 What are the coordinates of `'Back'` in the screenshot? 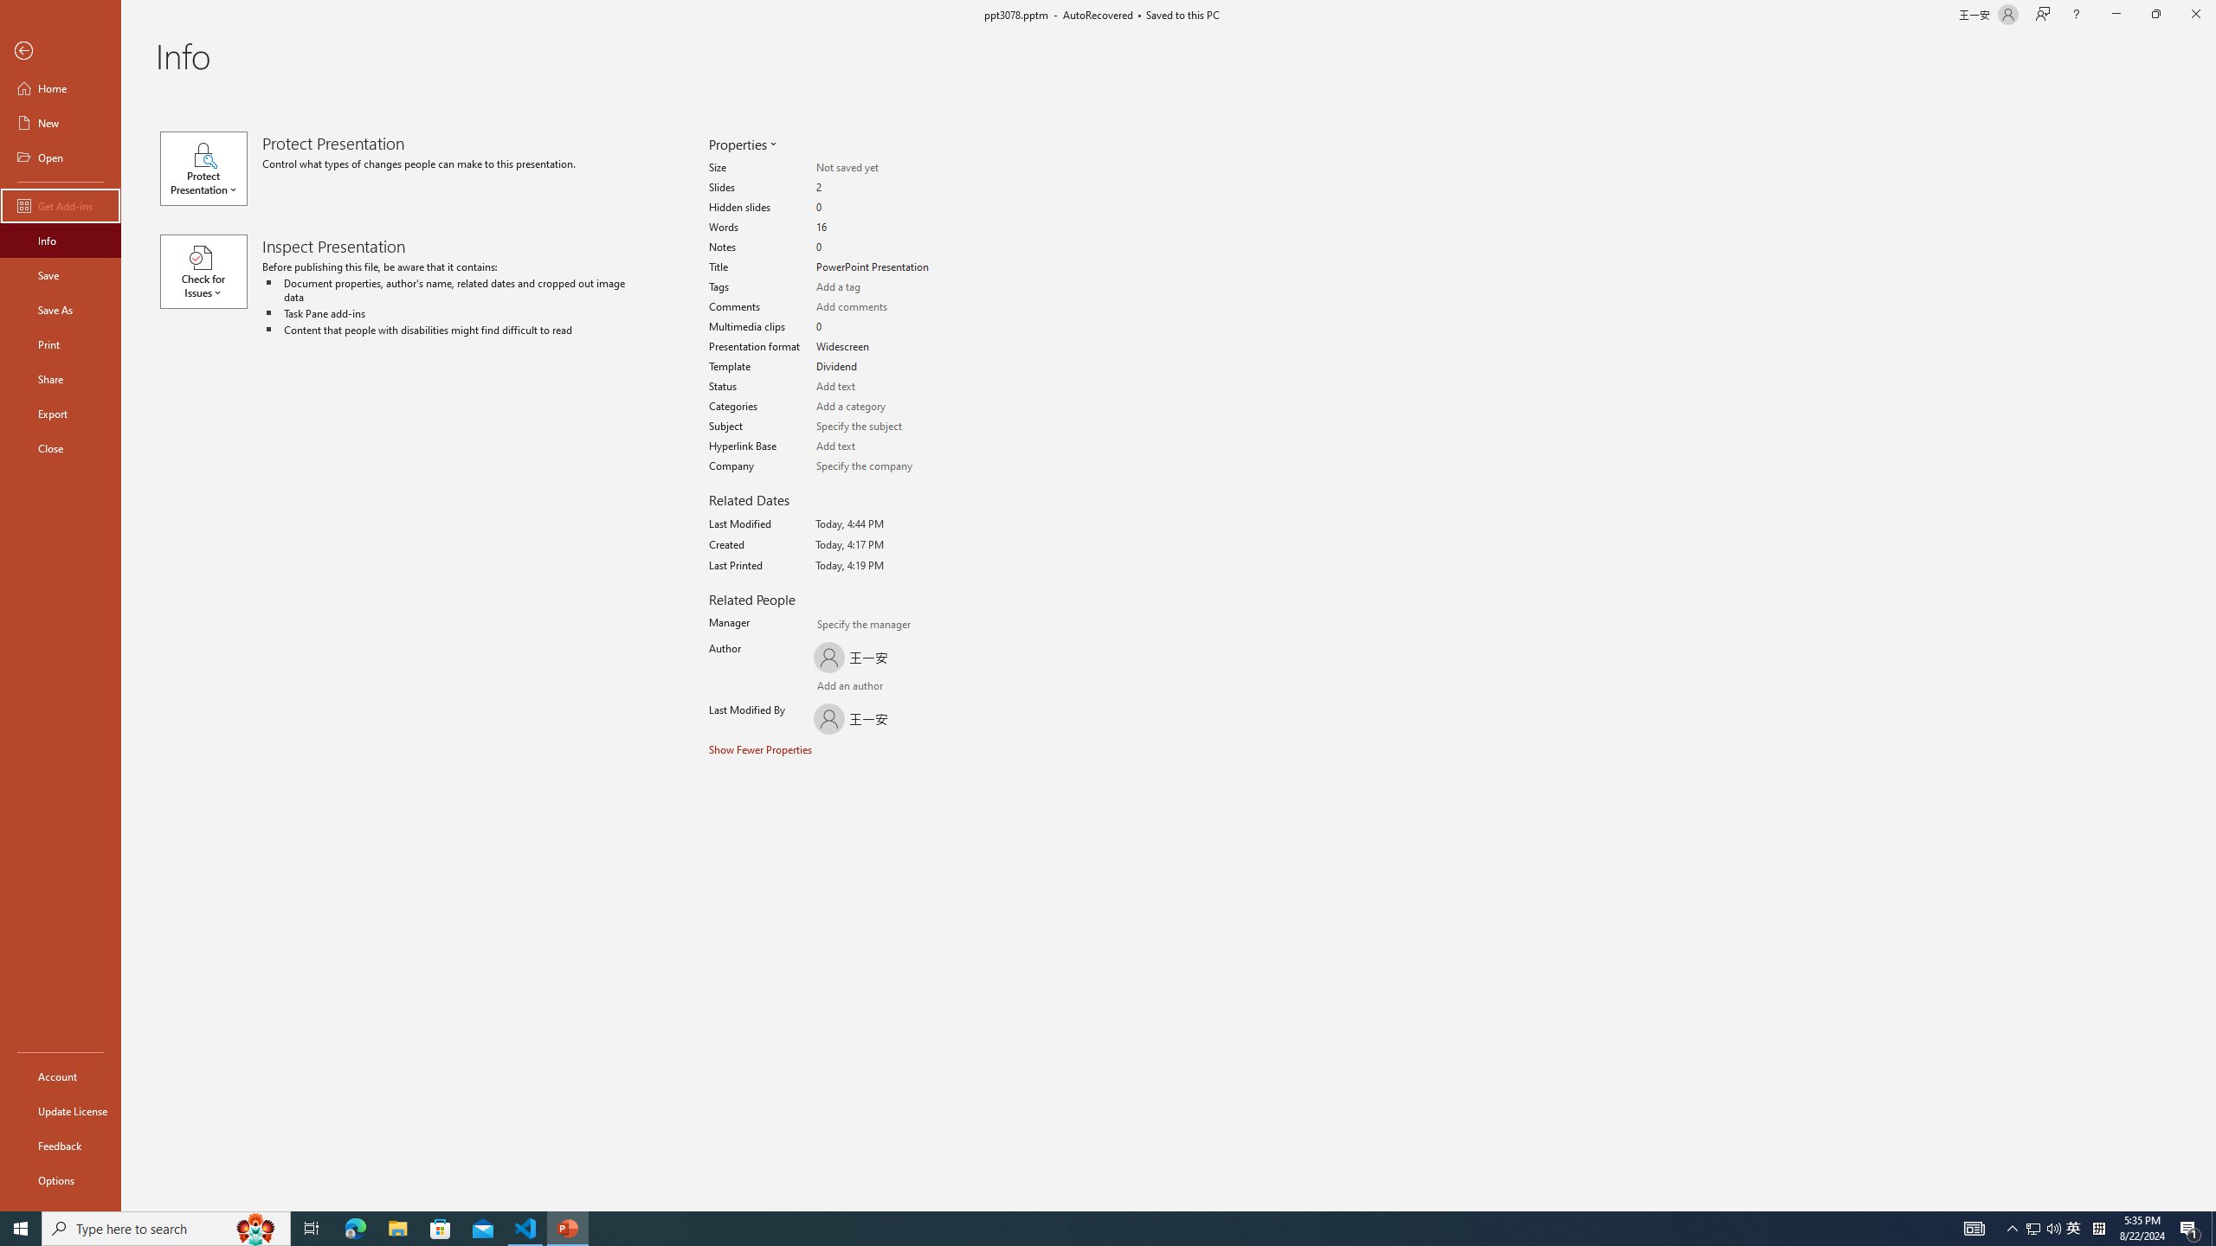 It's located at (60, 50).